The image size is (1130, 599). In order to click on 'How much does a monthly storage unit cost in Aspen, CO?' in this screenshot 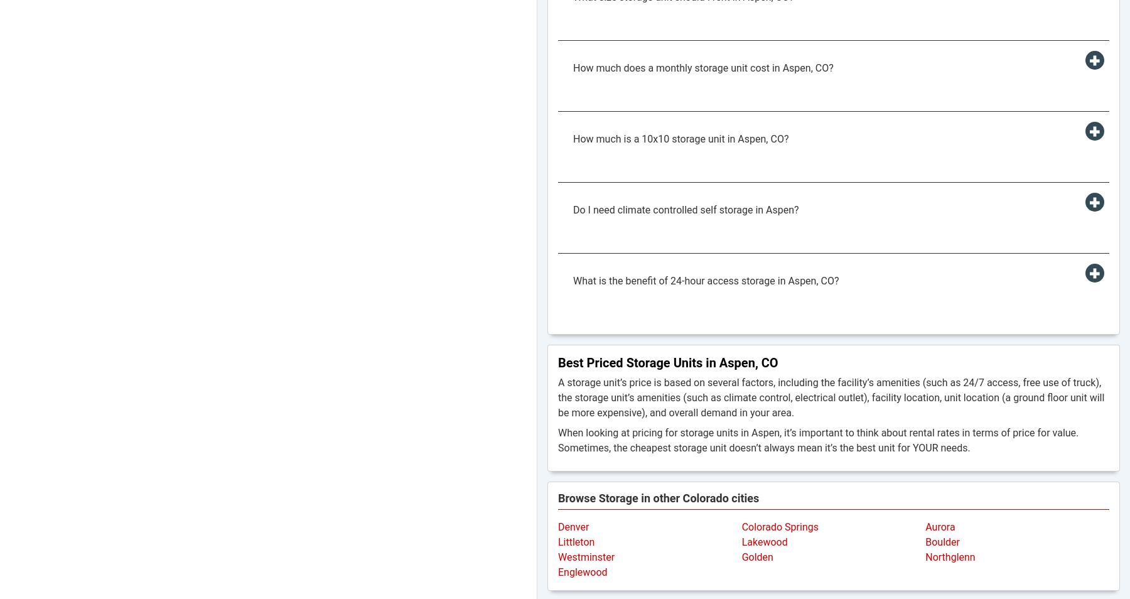, I will do `click(702, 67)`.